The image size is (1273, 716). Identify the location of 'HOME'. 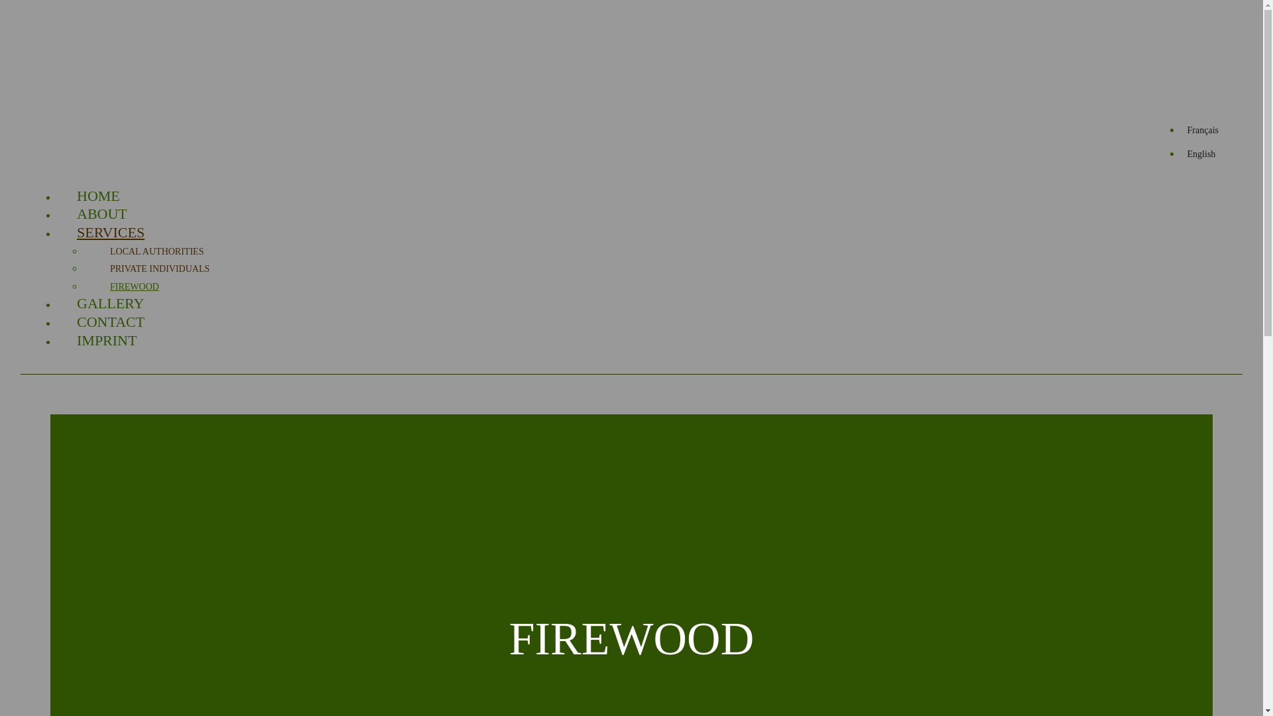
(97, 196).